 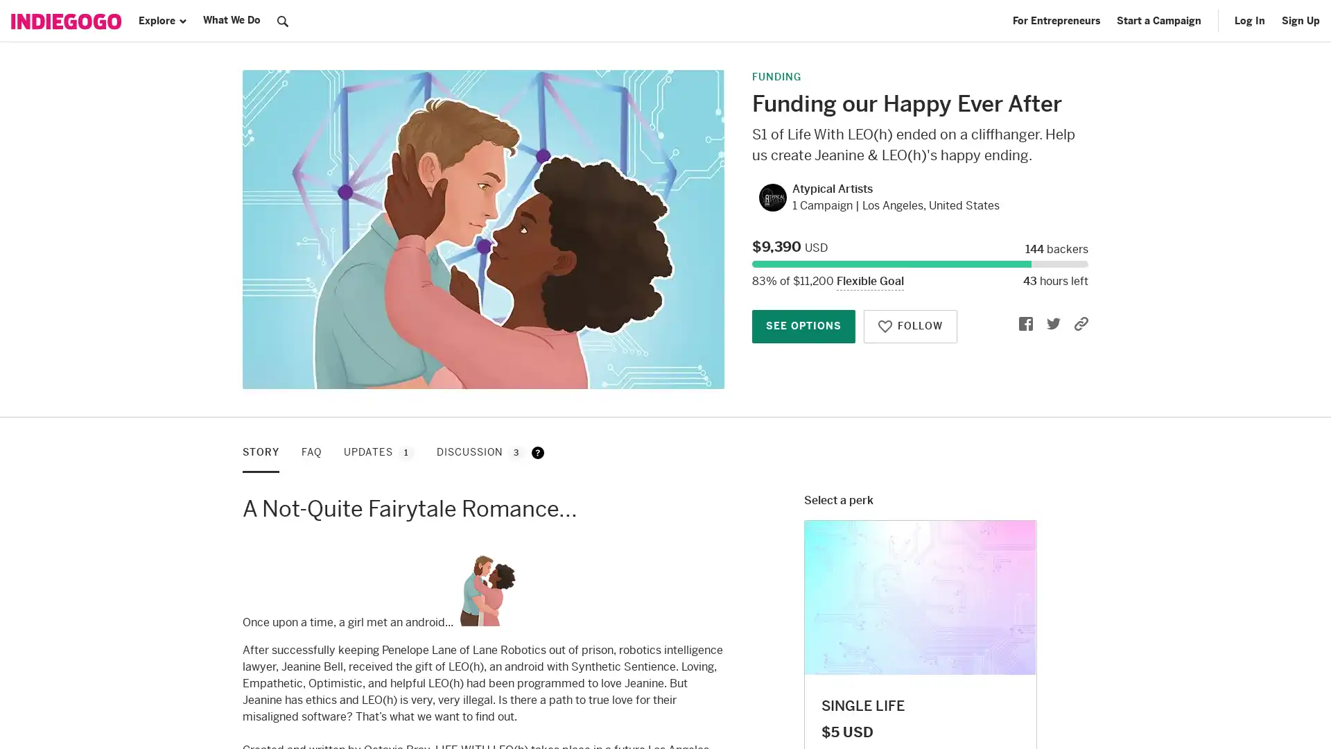 I want to click on Empty Heart FOLLOW, so click(x=910, y=326).